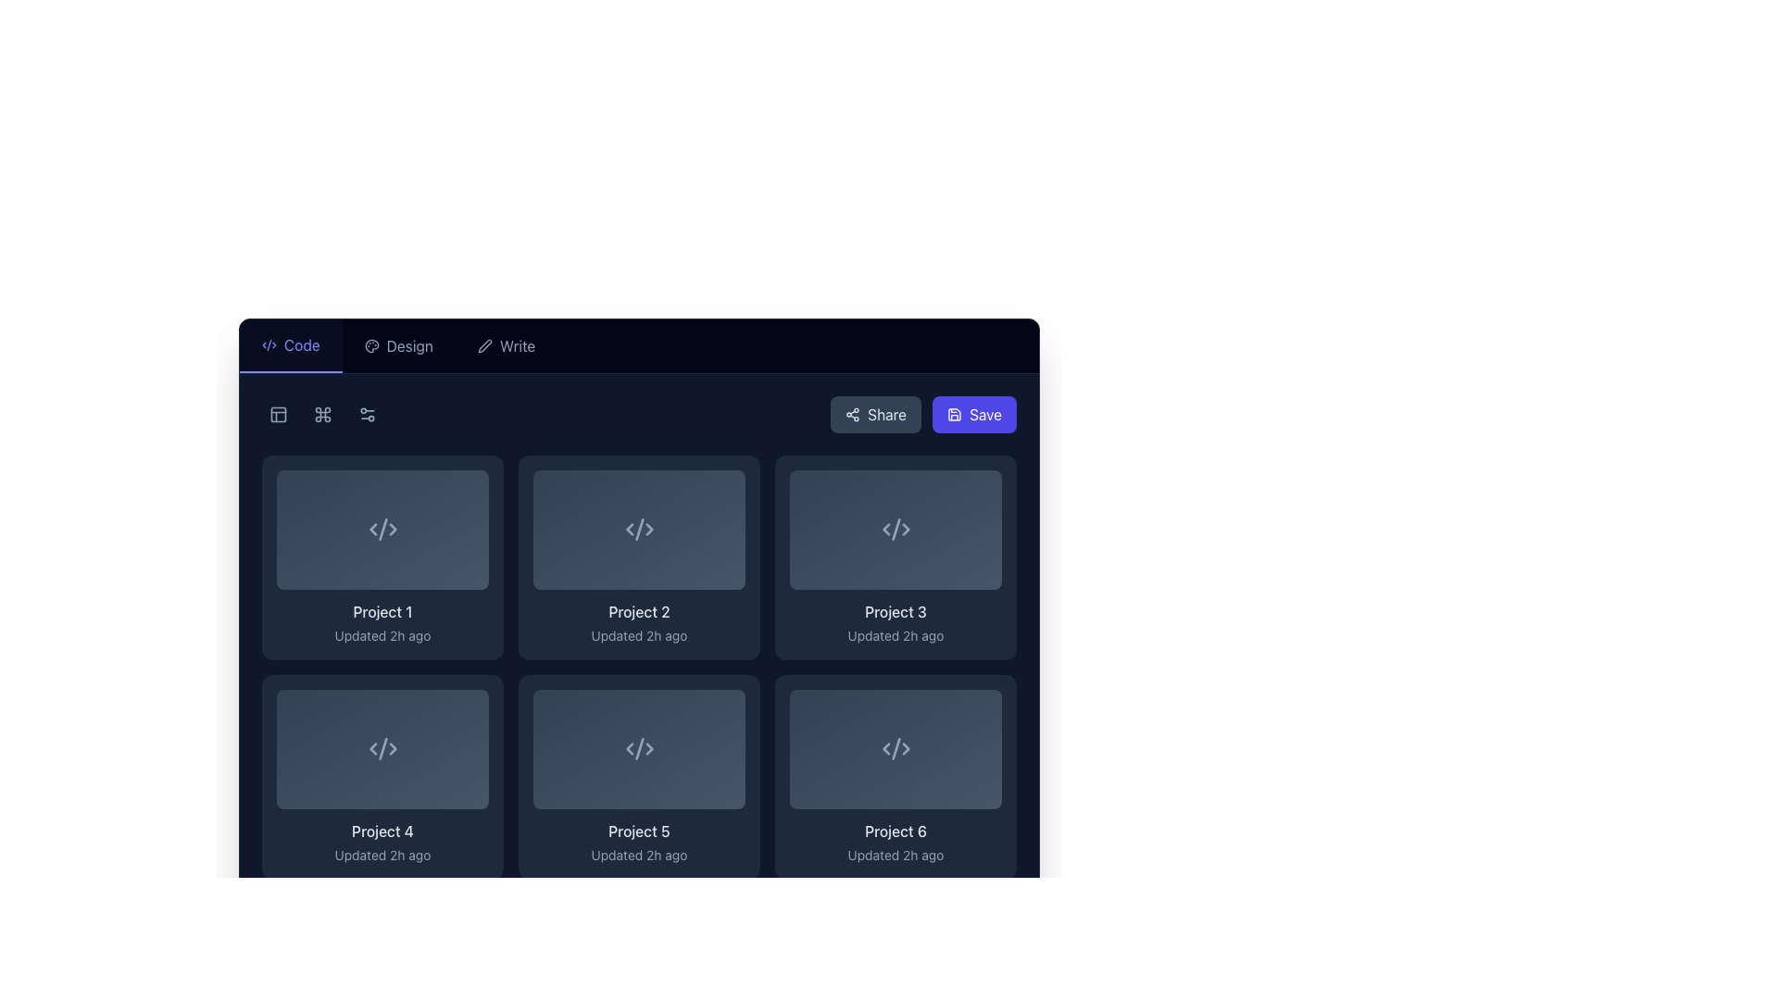 The height and width of the screenshot is (1000, 1778). What do you see at coordinates (895, 634) in the screenshot?
I see `the last updated time text label located within the 'Project 3' card, which is directly below the 'Project 3' title and aligns centrally within the card` at bounding box center [895, 634].